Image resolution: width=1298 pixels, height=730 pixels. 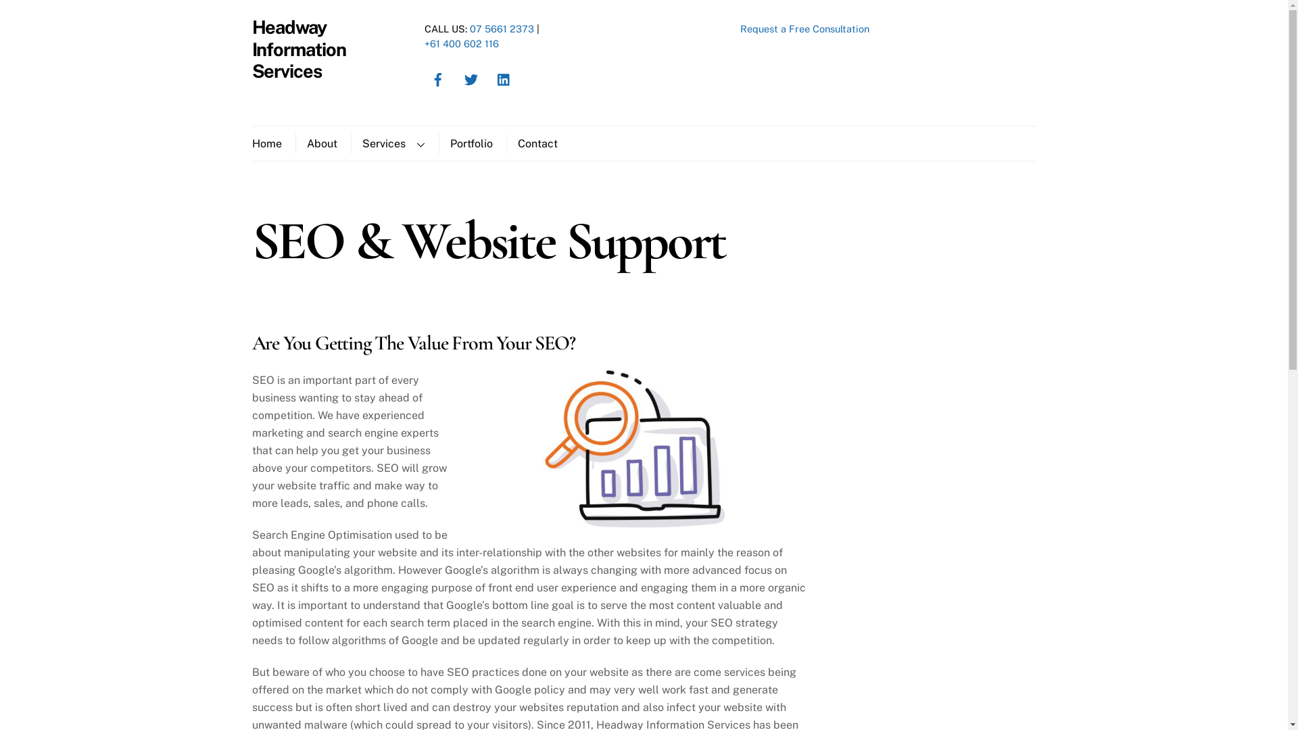 What do you see at coordinates (470, 28) in the screenshot?
I see `'07 5661 2373'` at bounding box center [470, 28].